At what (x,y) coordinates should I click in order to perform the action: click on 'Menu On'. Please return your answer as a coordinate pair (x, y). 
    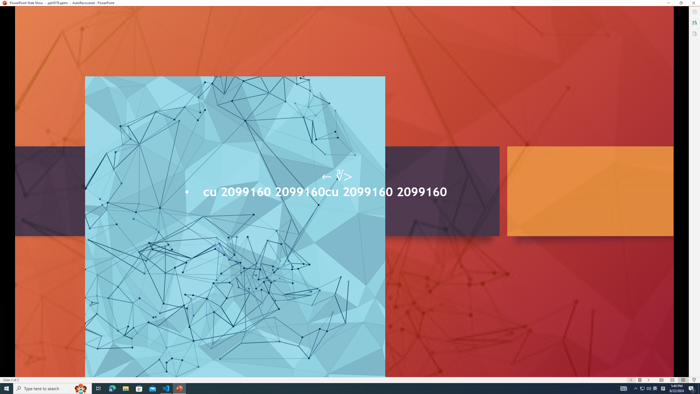
    Looking at the image, I should click on (640, 380).